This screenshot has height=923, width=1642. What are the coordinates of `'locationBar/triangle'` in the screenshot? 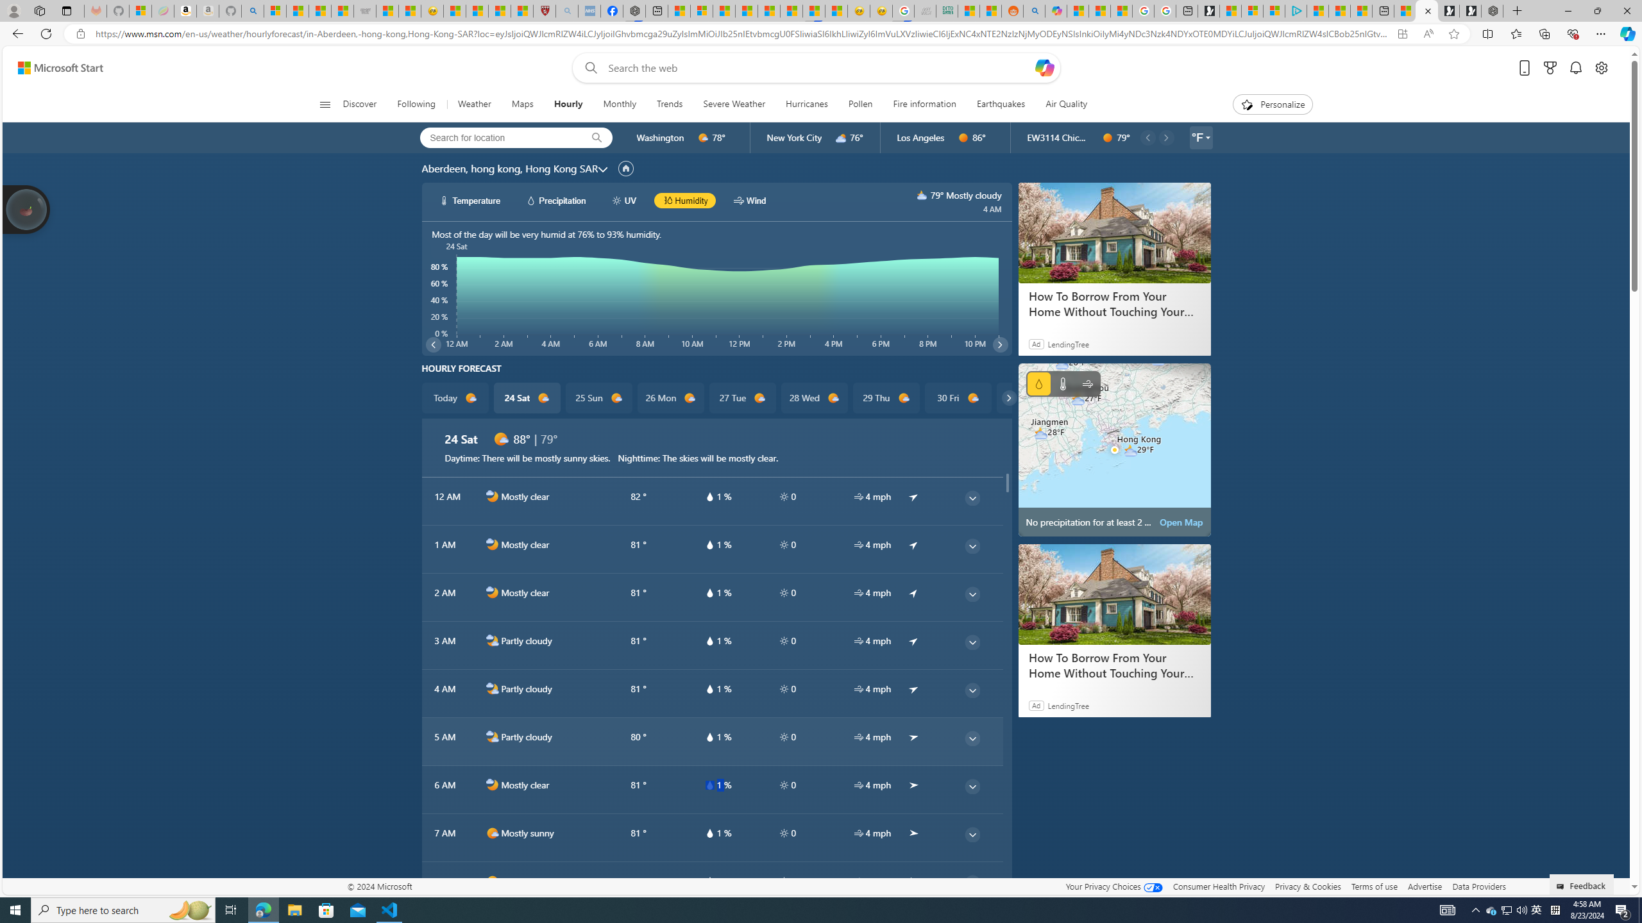 It's located at (1207, 137).